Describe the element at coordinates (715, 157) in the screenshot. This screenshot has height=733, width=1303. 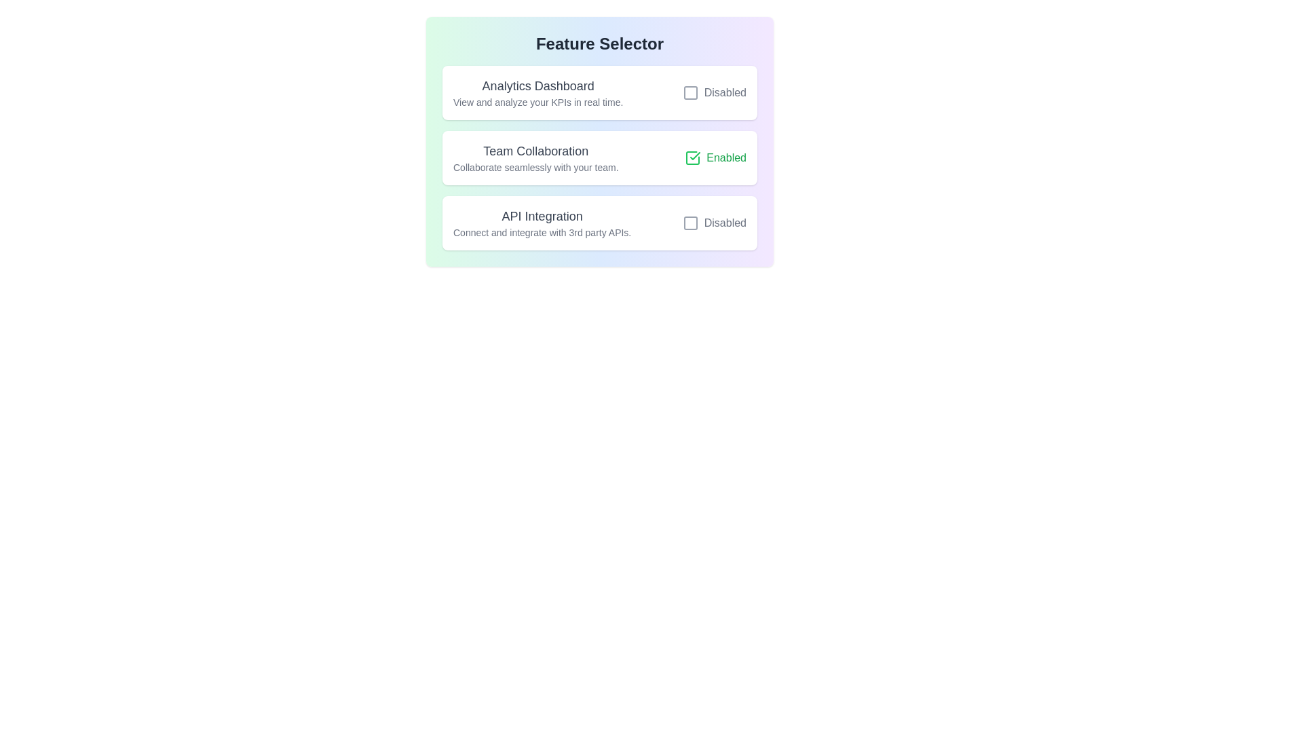
I see `the feature Team Collaboration by clicking its corresponding button` at that location.